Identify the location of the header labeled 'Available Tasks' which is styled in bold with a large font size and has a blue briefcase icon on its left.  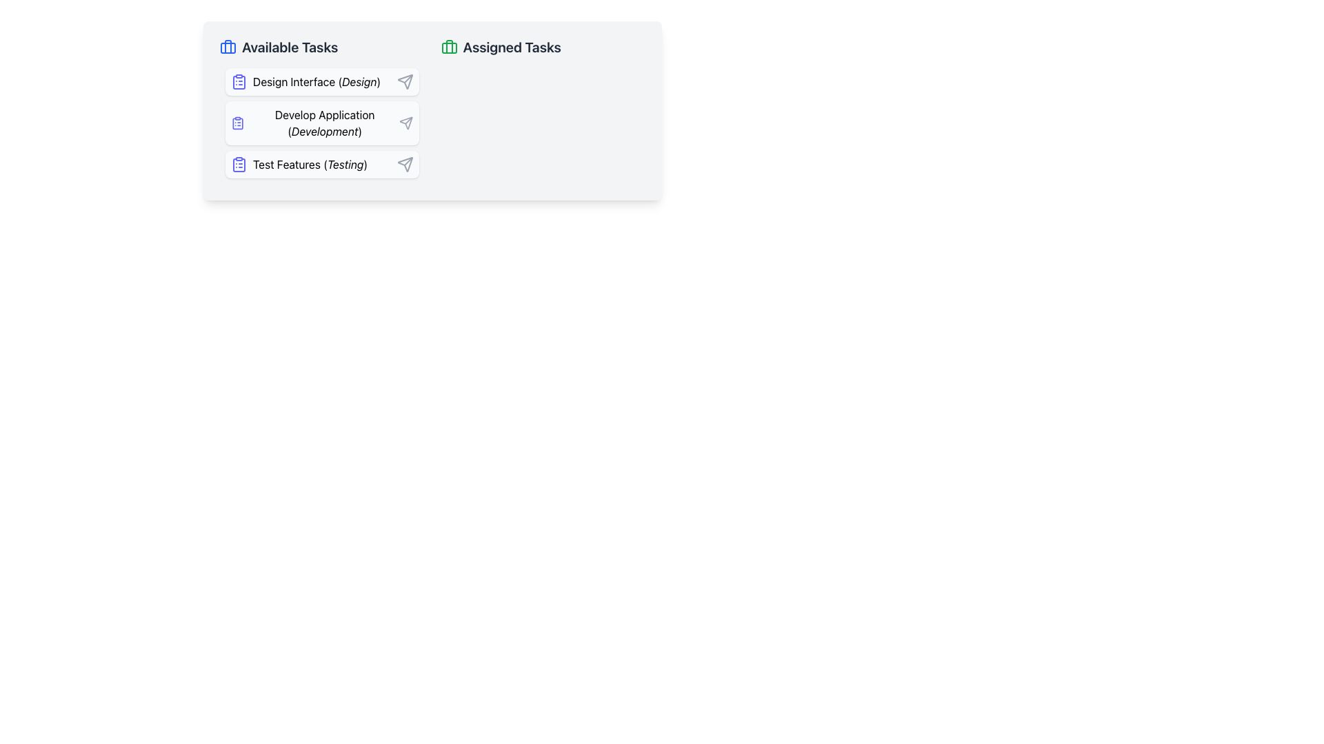
(321, 47).